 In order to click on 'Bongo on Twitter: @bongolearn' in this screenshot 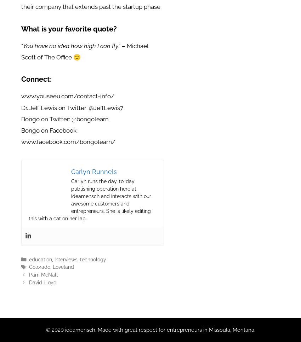, I will do `click(64, 118)`.